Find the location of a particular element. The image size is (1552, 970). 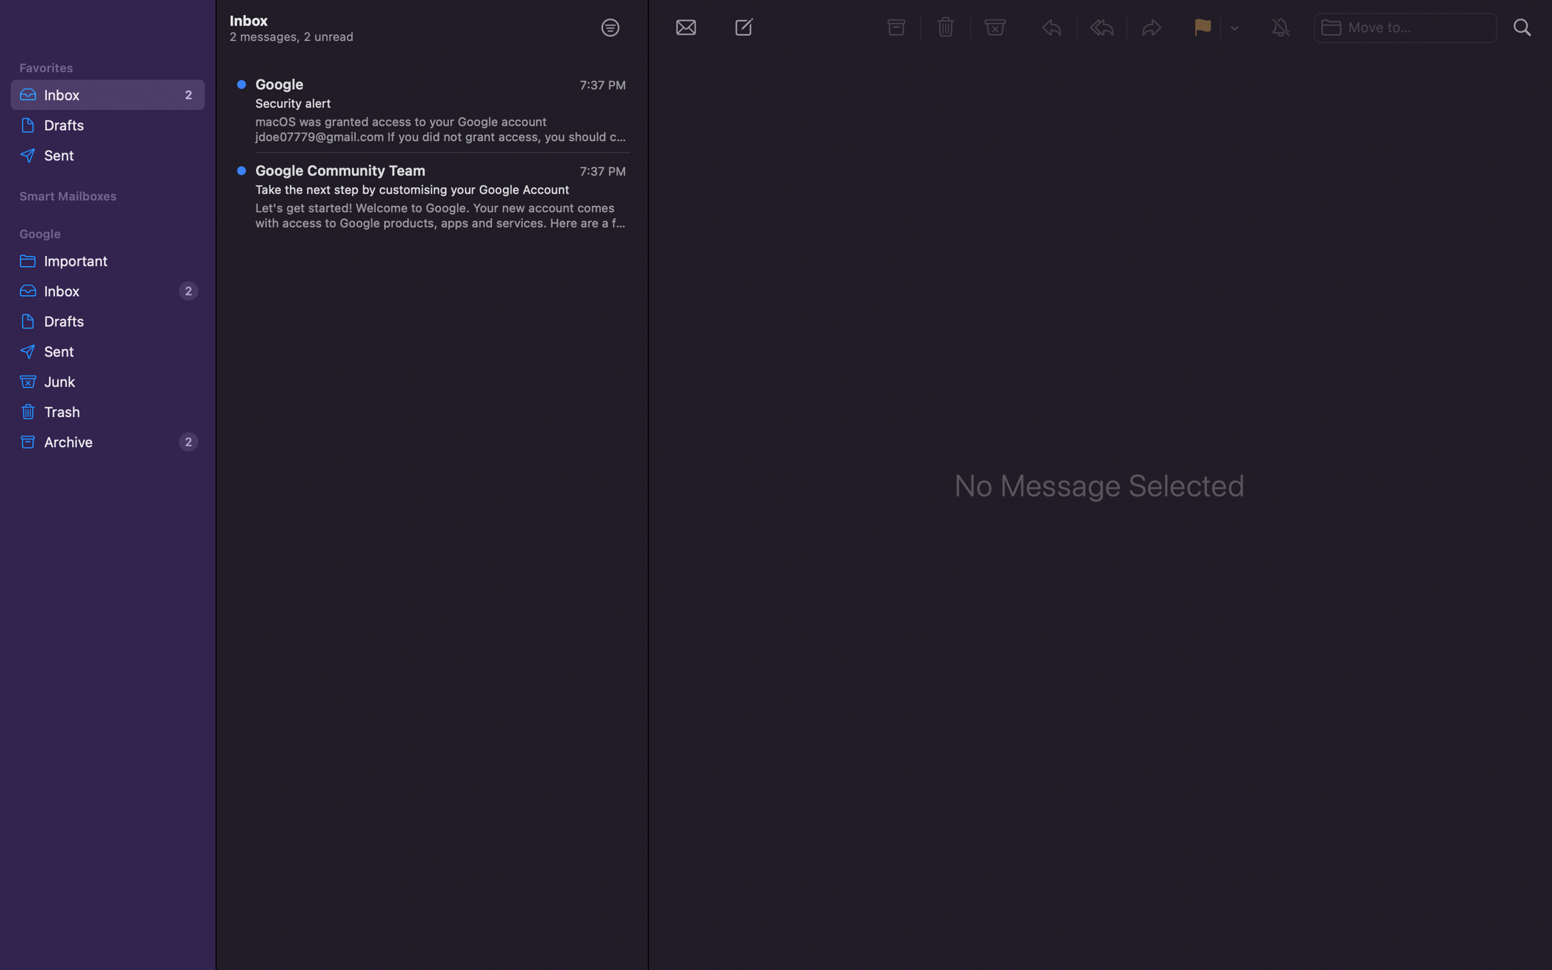

the option to create a fresh message is located at coordinates (747, 30).